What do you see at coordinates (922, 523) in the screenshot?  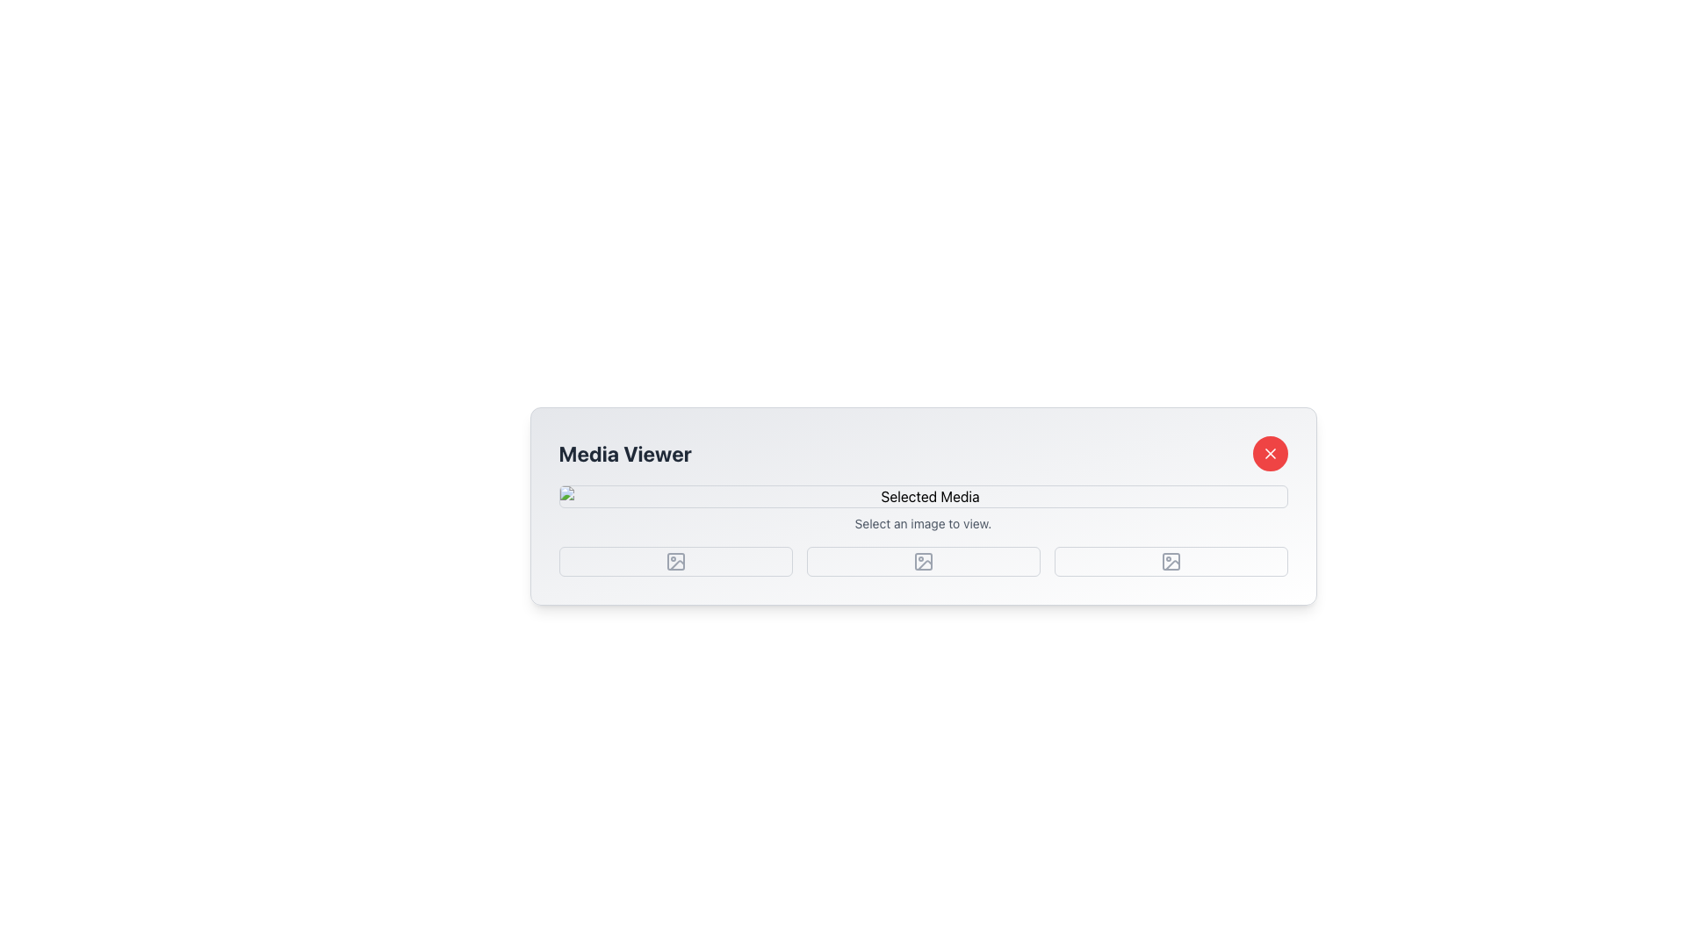 I see `text element that displays 'Select an image to view.' located below the 'Selected Media' placeholder image` at bounding box center [922, 523].